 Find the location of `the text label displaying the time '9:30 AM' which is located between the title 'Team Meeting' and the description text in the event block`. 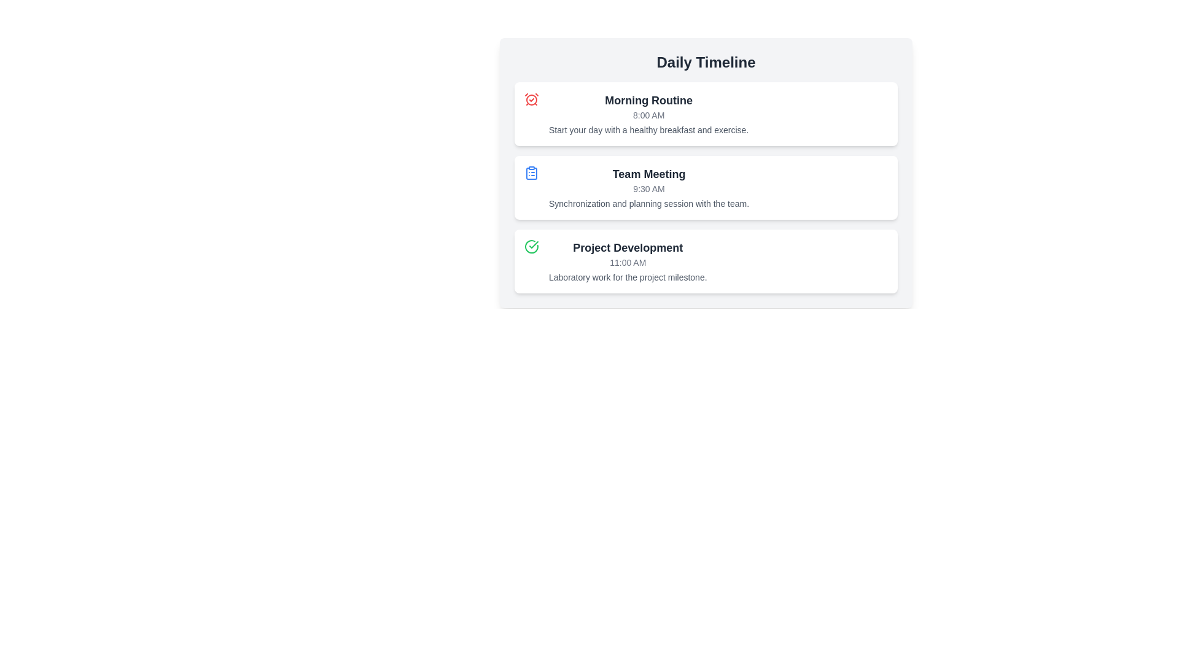

the text label displaying the time '9:30 AM' which is located between the title 'Team Meeting' and the description text in the event block is located at coordinates (648, 189).